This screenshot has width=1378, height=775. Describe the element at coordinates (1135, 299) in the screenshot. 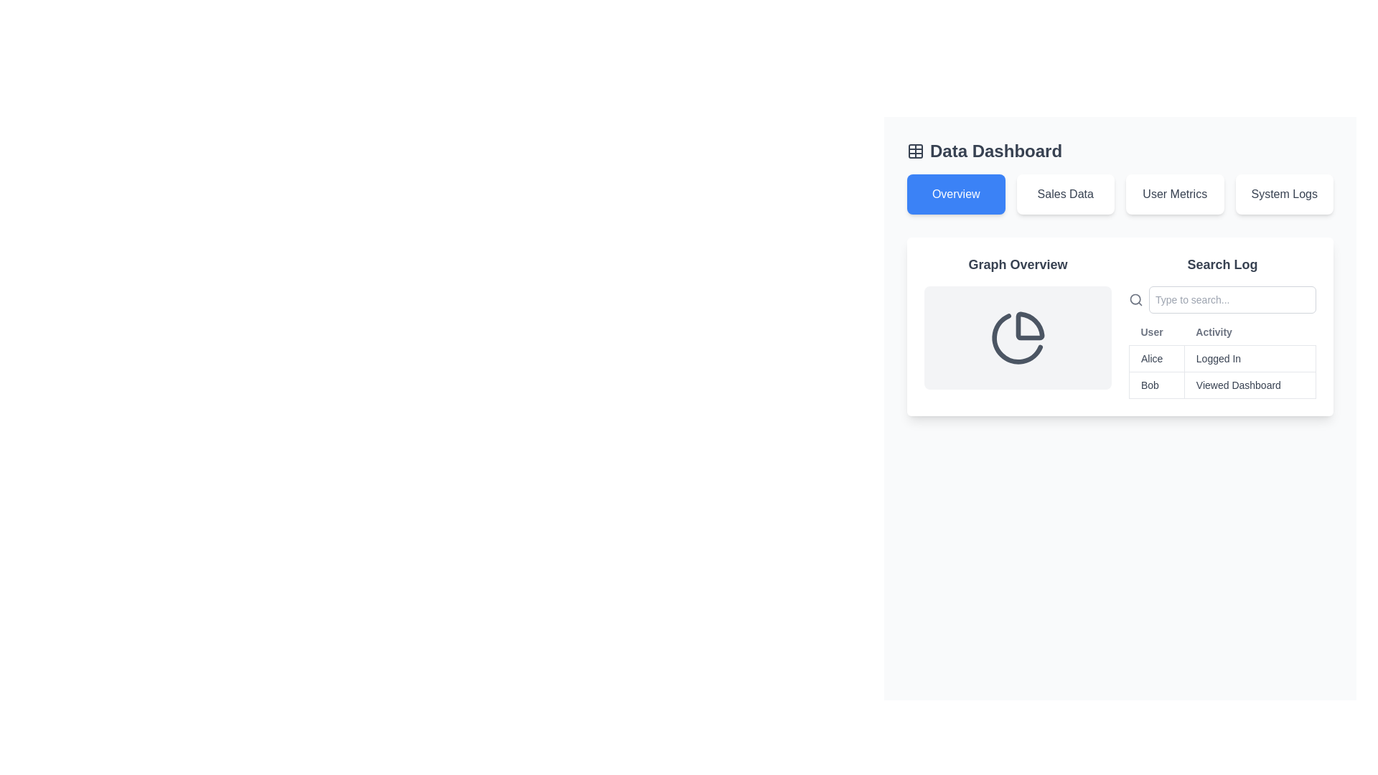

I see `the circular magnifying glass lens icon in the search section of the dashboard interface` at that location.